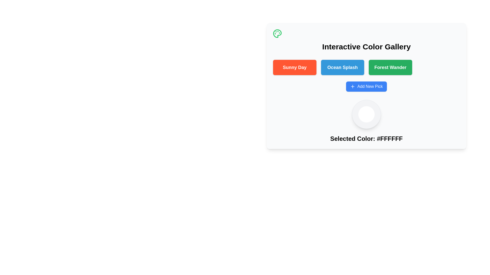  What do you see at coordinates (366, 86) in the screenshot?
I see `the button labeled 'Add New Pick' which is located below the buttons 'Sunny Day,' 'Ocean Splash,' and 'Forest Wander,' and above the circular color selector` at bounding box center [366, 86].